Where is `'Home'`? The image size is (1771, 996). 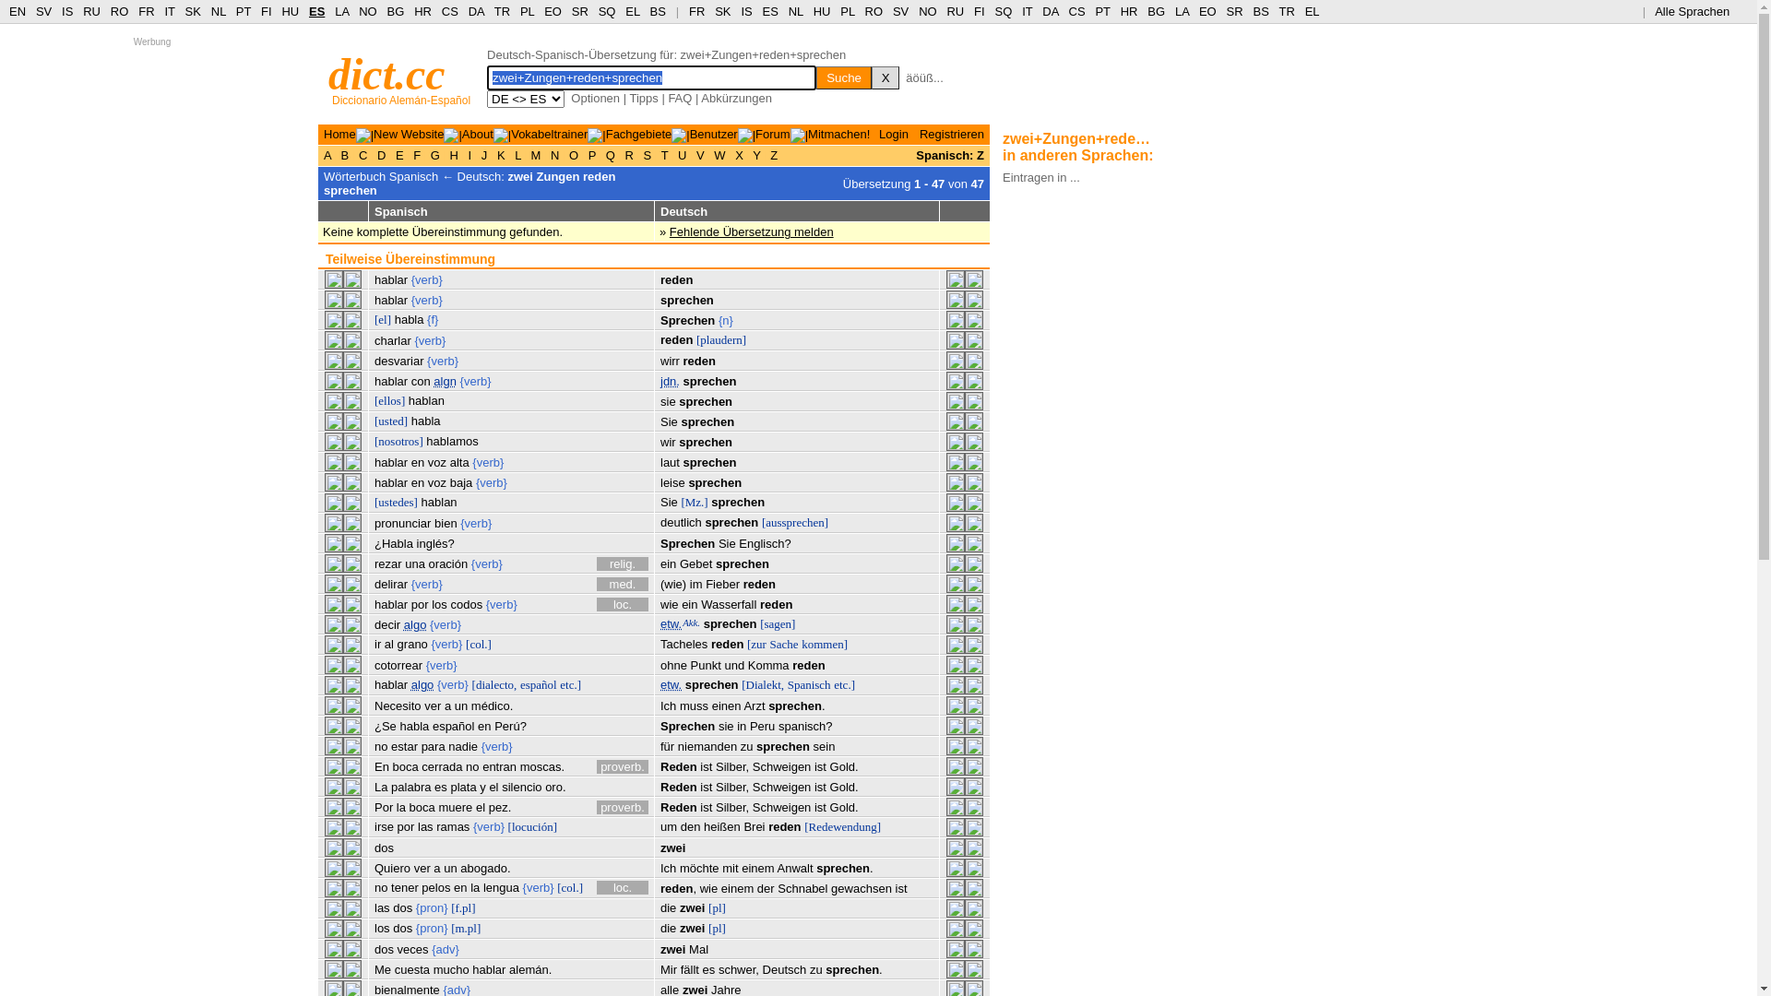
'Home' is located at coordinates (339, 133).